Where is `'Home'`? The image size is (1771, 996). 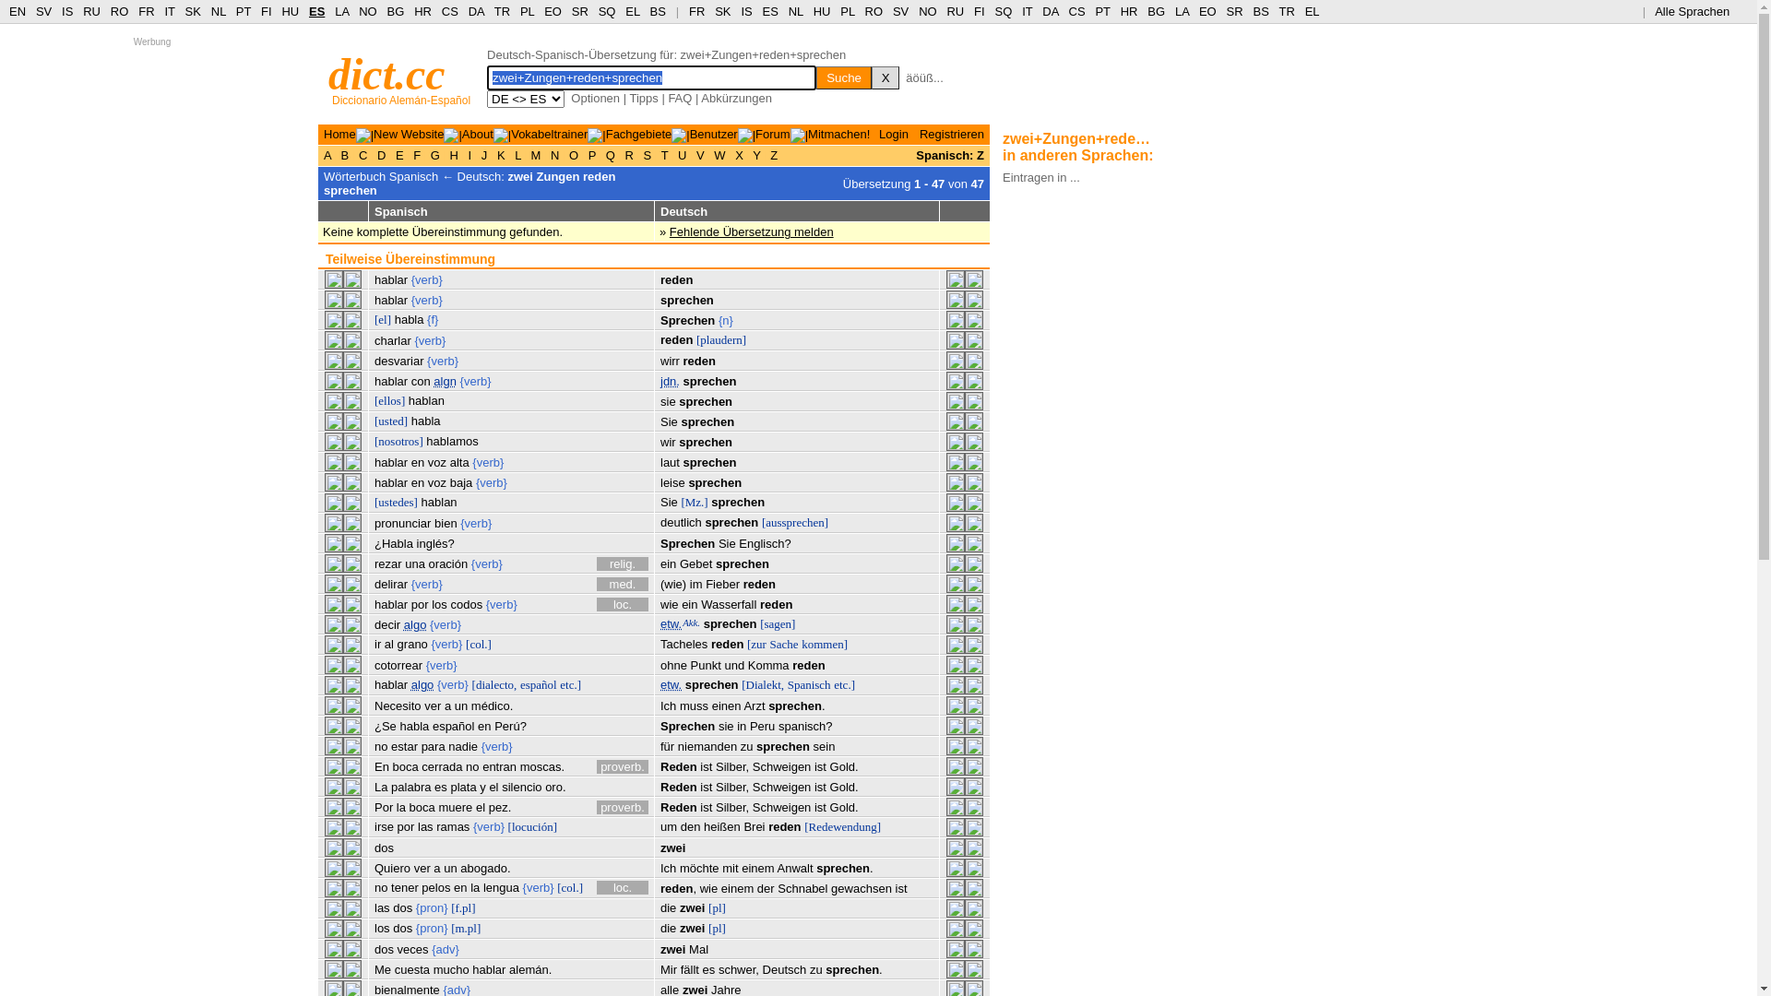
'Home' is located at coordinates (339, 133).